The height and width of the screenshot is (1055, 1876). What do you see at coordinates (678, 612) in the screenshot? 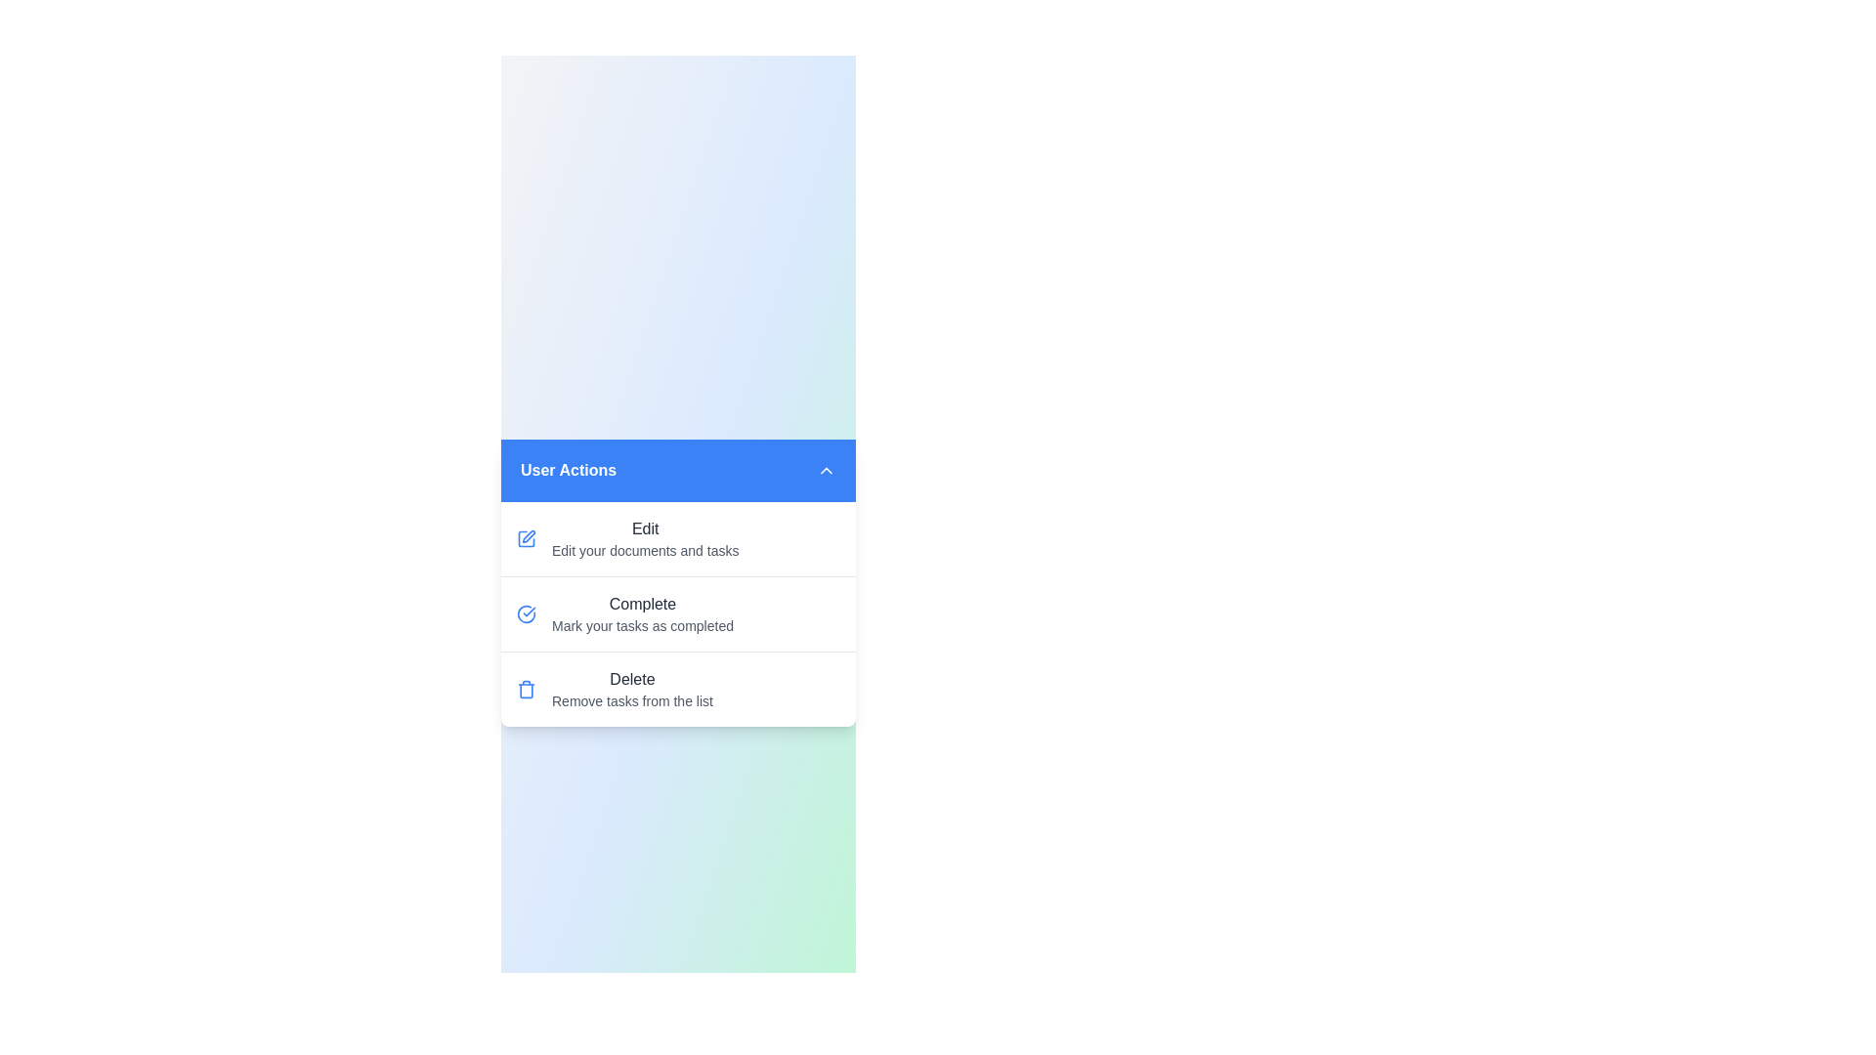
I see `the 'Complete' menu item` at bounding box center [678, 612].